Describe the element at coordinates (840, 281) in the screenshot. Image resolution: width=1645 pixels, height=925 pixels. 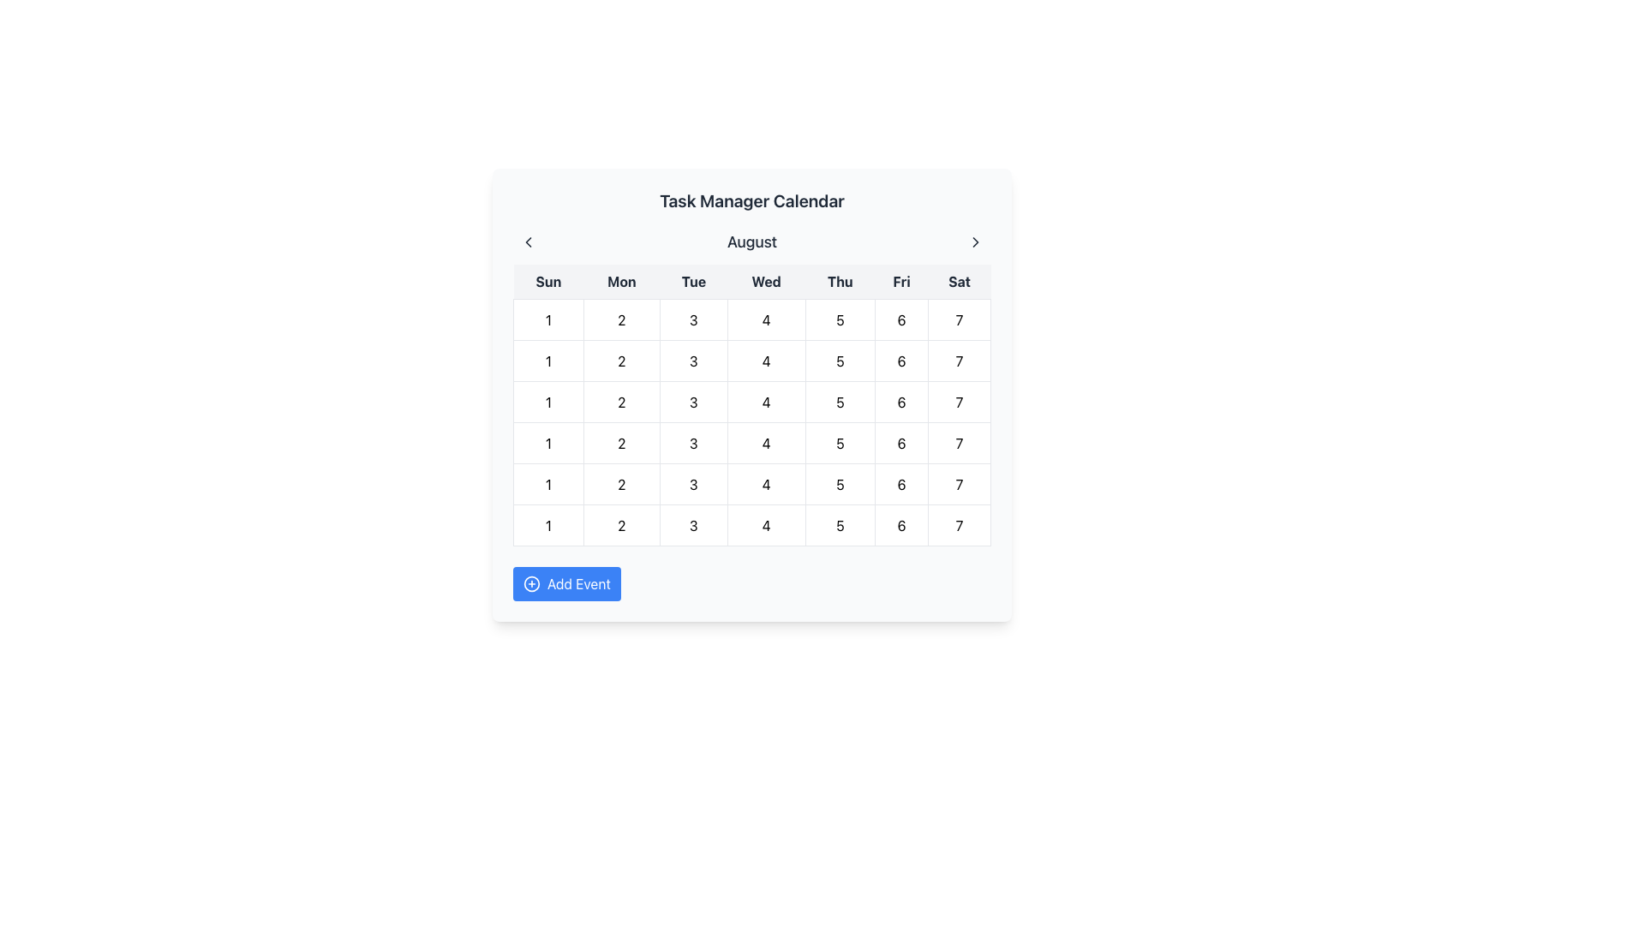
I see `the text label indicating 'Thursday' in the days header of the calendar interface` at that location.